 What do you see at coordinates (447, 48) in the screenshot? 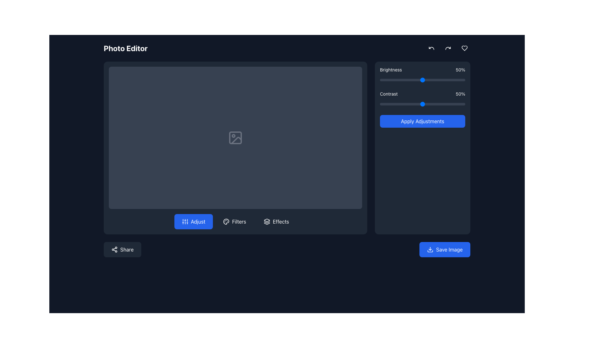
I see `the second circular button in the top-right corner that features a right-pointing arrow to change its background color` at bounding box center [447, 48].